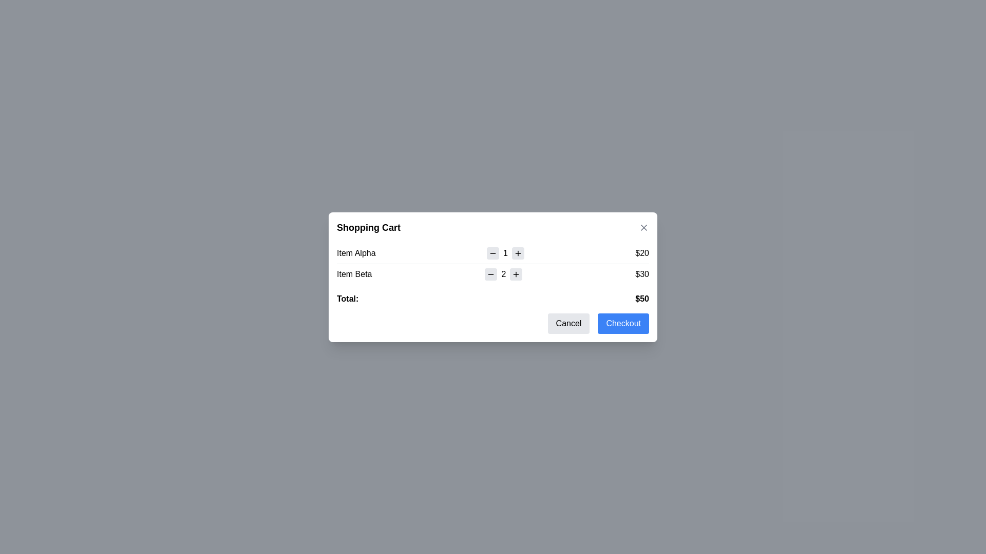 This screenshot has width=986, height=554. Describe the element at coordinates (643, 227) in the screenshot. I see `the small gray 'X' icon close button located in the top-right corner of the 'Shopping Cart' dialog box` at that location.